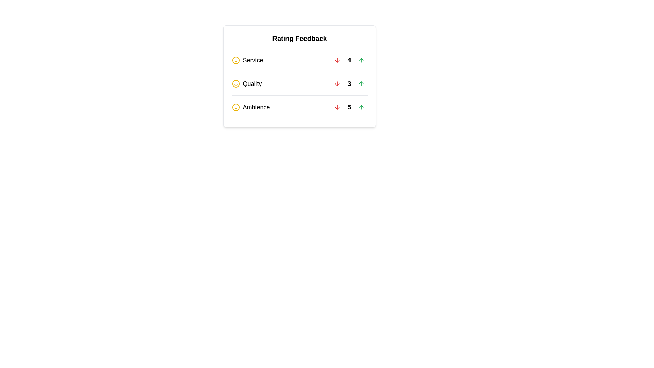 The image size is (654, 368). Describe the element at coordinates (337, 107) in the screenshot. I see `the button to decrease the rating of the 'Ambience' category, which is located immediately to the left of the numeric rating '5' in the 'Rating Feedback' card layout` at that location.